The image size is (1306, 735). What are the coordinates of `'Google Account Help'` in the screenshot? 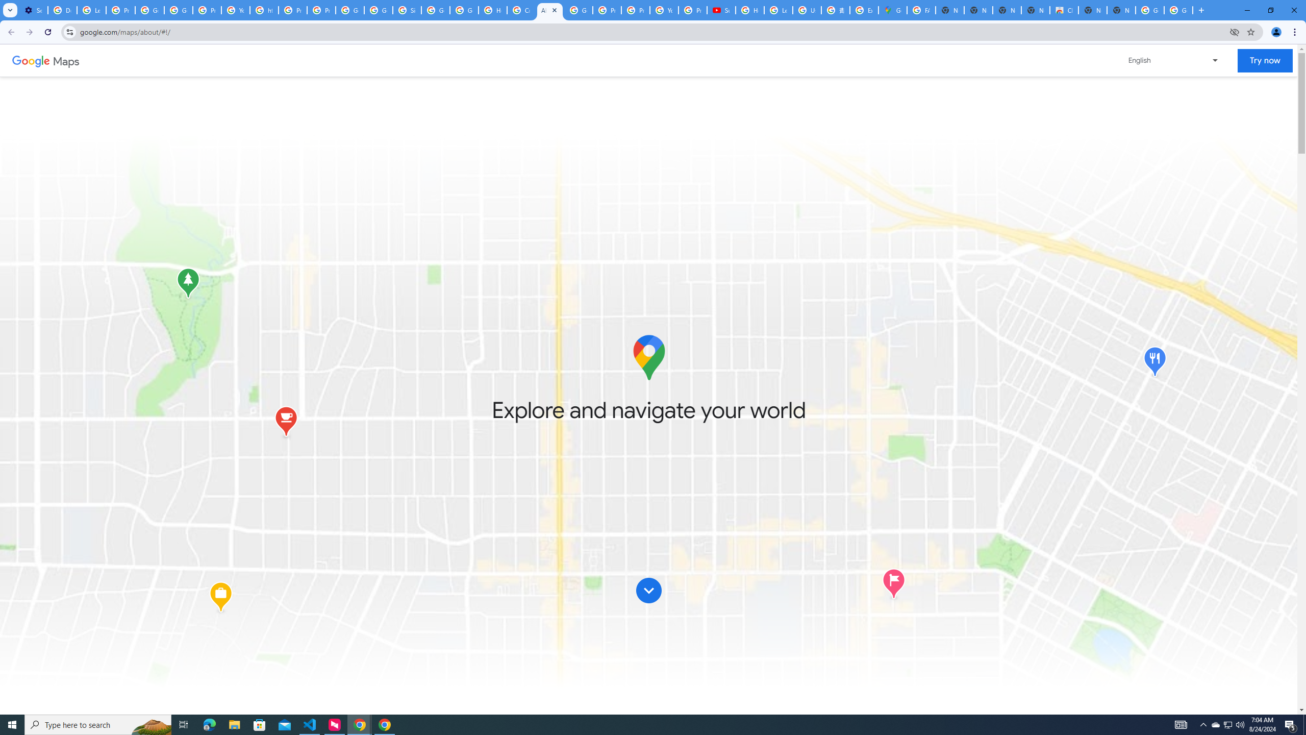 It's located at (149, 10).